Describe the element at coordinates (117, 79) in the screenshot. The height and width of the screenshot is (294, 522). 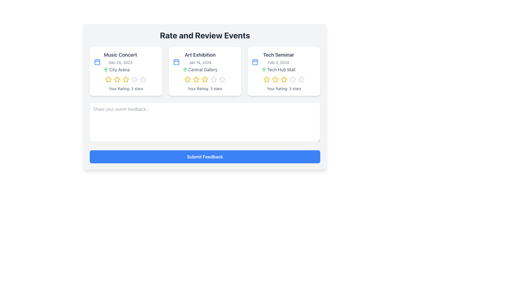
I see `the second star in the rating system under the event title 'Music Concert' to rate it` at that location.